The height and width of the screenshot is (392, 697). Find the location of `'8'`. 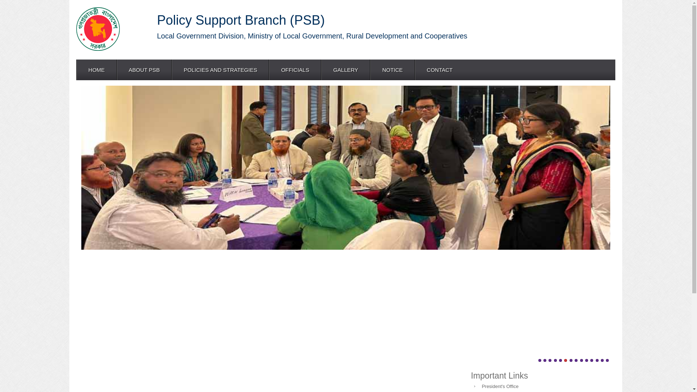

'8' is located at coordinates (576, 360).